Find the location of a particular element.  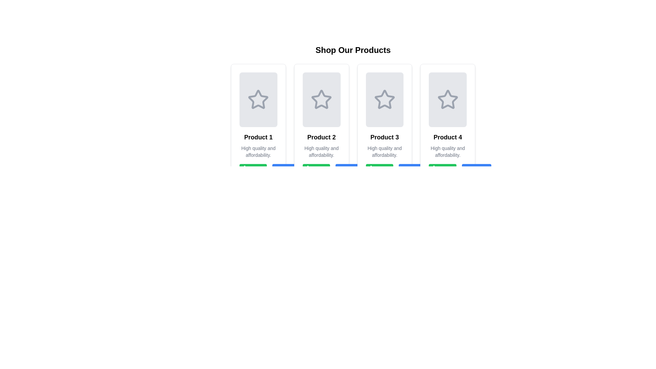

the 'Like' button, which is the third button below 'Product 3' is located at coordinates (384, 169).